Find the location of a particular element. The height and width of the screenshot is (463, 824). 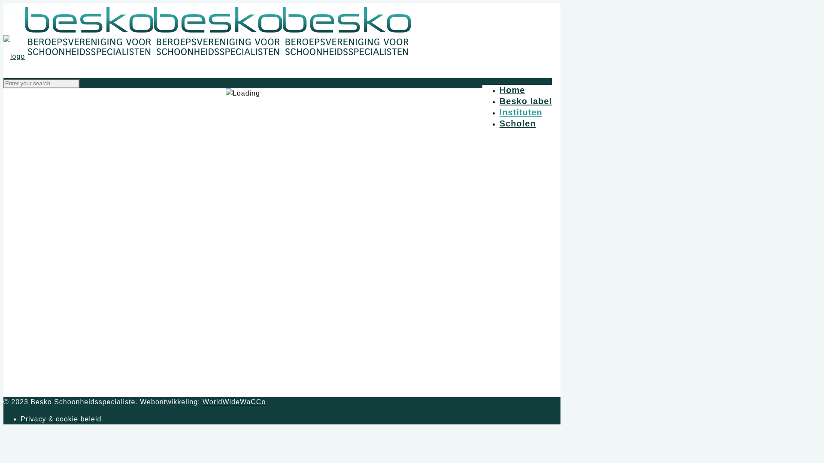

'Besko Schoonheidsspecialiste' is located at coordinates (3, 56).